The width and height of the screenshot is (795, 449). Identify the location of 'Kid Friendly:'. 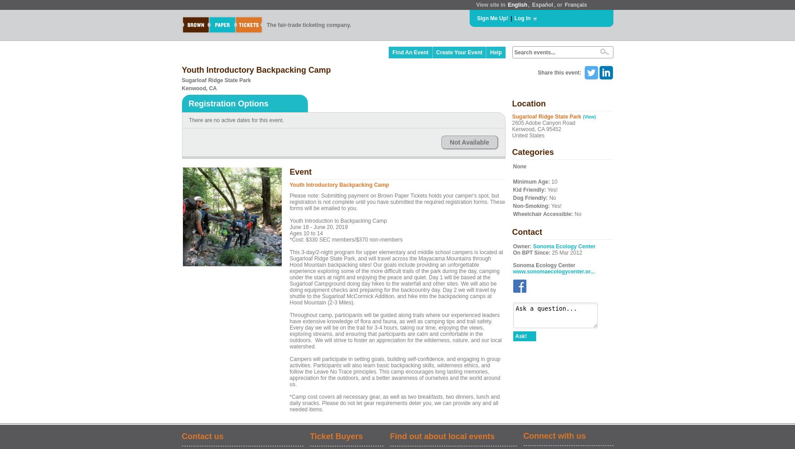
(529, 190).